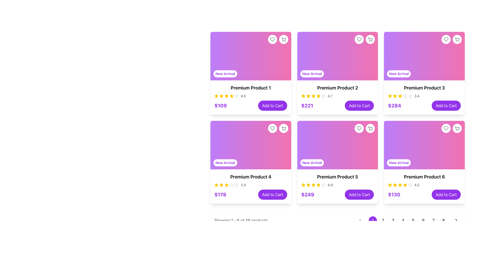  What do you see at coordinates (359, 39) in the screenshot?
I see `the heart-shaped icon within the circular button located at the top-right corner of the 'Premium Product 2' card` at bounding box center [359, 39].